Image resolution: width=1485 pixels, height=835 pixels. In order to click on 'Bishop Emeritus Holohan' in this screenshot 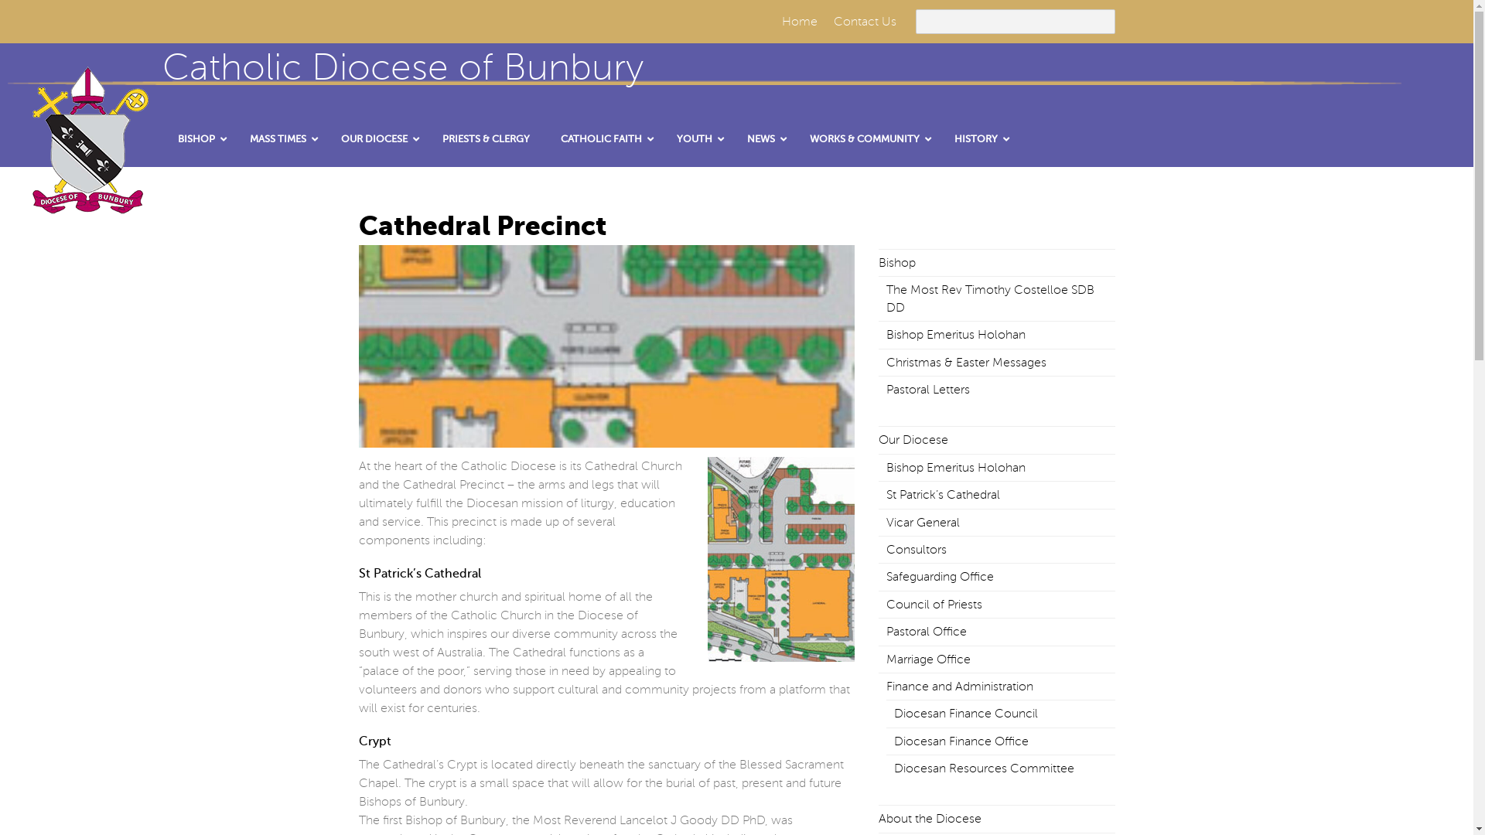, I will do `click(955, 333)`.